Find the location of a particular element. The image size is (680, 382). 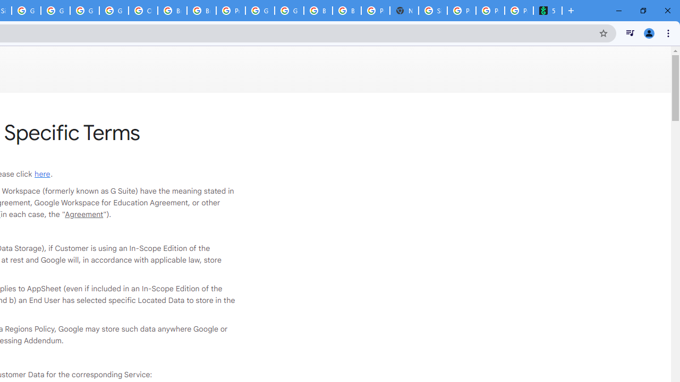

'Google Cloud Platform' is located at coordinates (260, 11).